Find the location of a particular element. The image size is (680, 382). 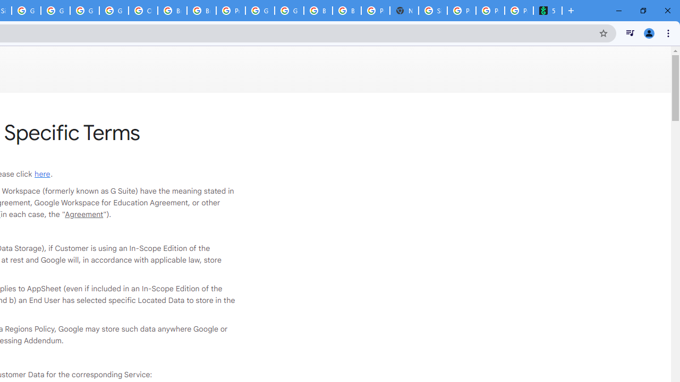

'Google Cloud Platform' is located at coordinates (260, 11).